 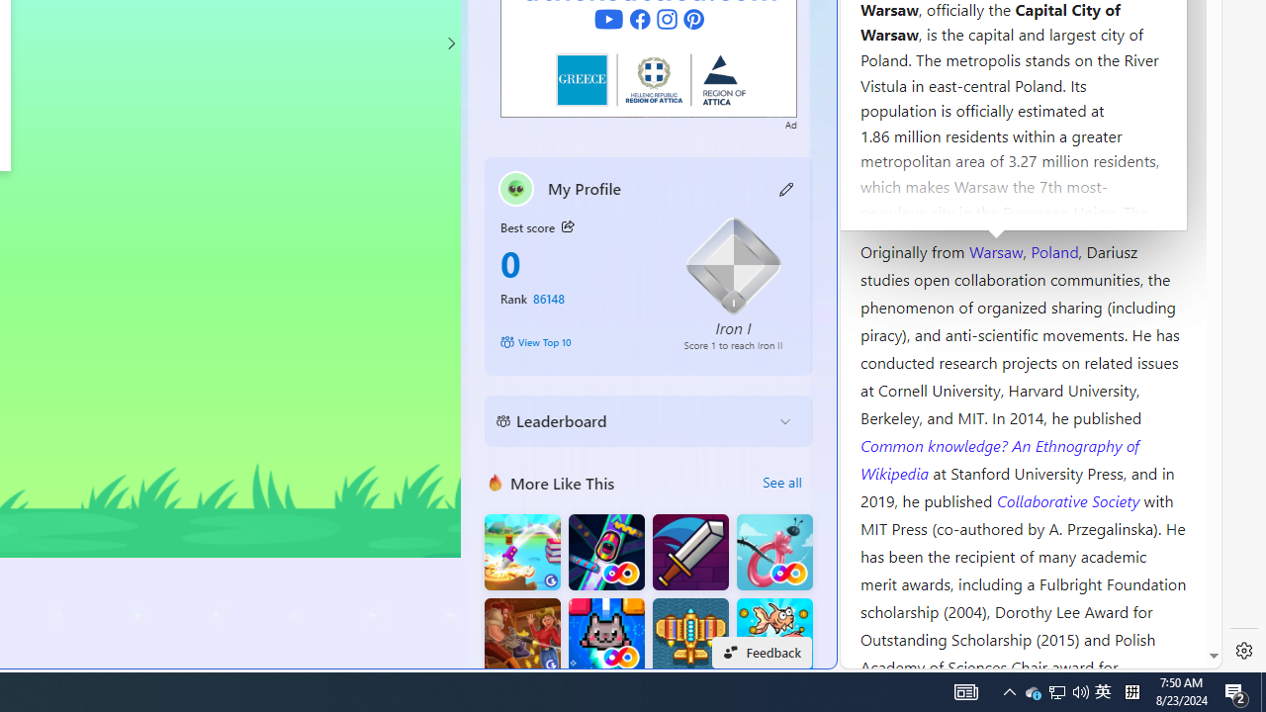 I want to click on 'Settings', so click(x=1243, y=651).